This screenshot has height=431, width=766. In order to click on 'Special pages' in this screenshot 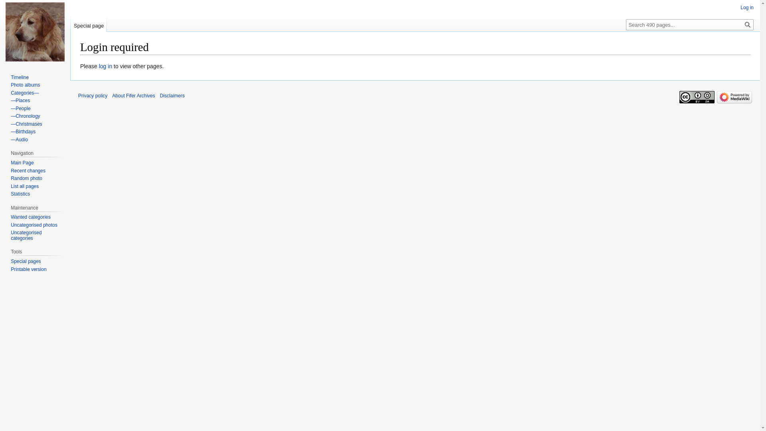, I will do `click(11, 261)`.